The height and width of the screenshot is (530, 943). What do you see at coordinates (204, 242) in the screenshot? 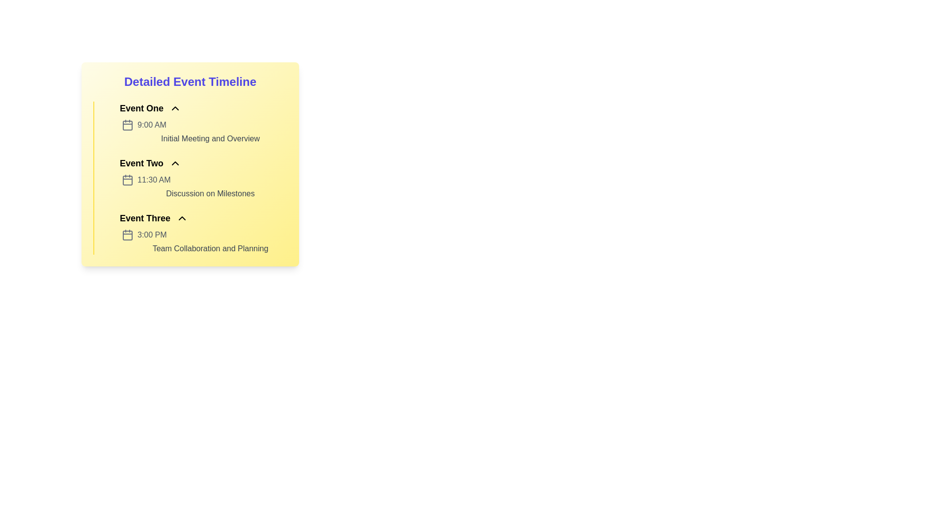
I see `the 'Team Collaboration and Planning' text and calendar icon element located in the 'Event Three' section of the timeline` at bounding box center [204, 242].